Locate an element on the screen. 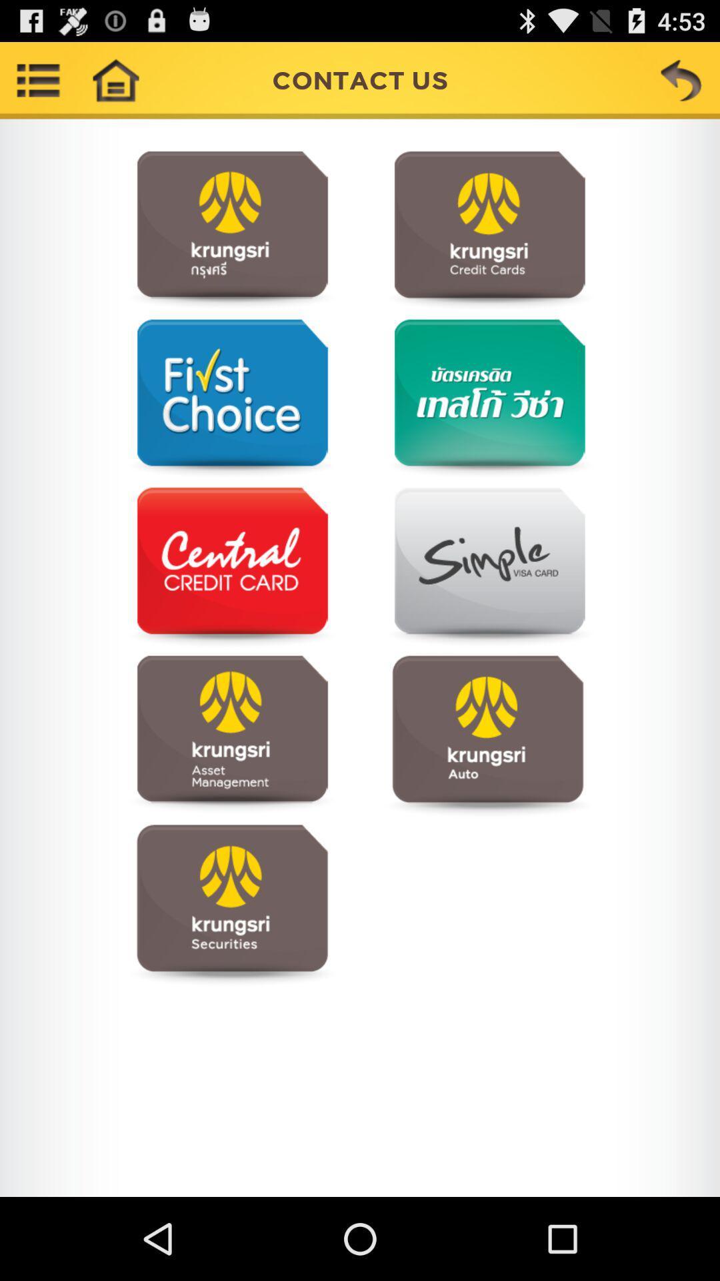 The image size is (720, 1281). select contact option is located at coordinates (231, 735).